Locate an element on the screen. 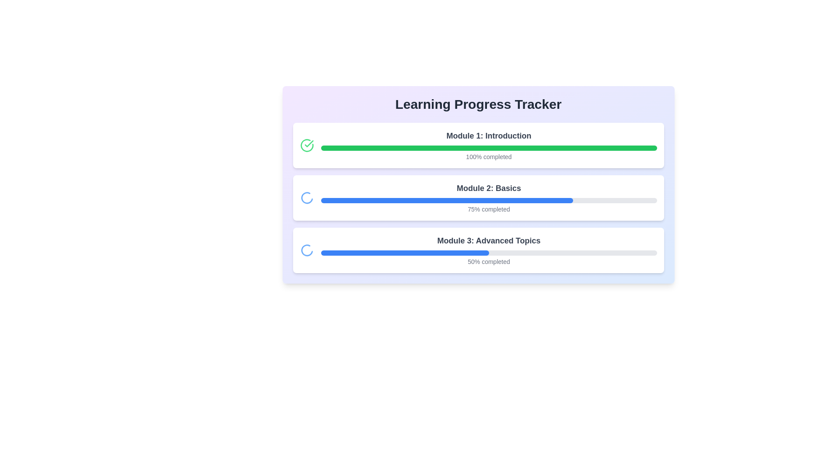 This screenshot has height=472, width=840. the blue circular outline of the spinning loader icon located to the left side of the 'Module 2: Basics' title in the second progress block is located at coordinates (307, 198).